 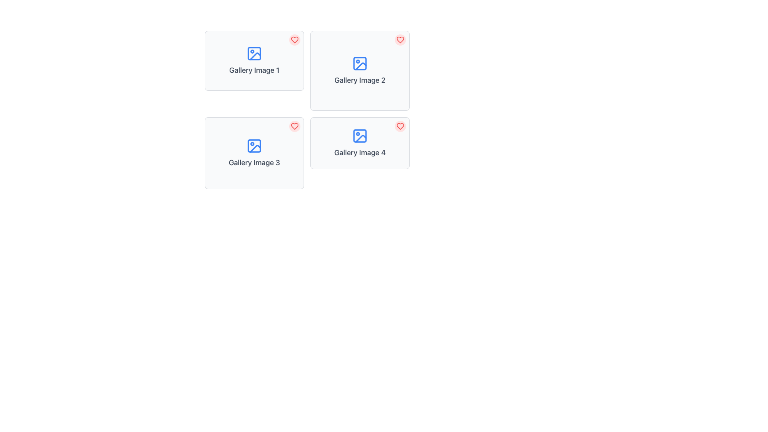 I want to click on the heart icon located in the top-right corner of the 'Gallery Image 4' card, styled in red and symbolizing a 'like' action, so click(x=400, y=126).